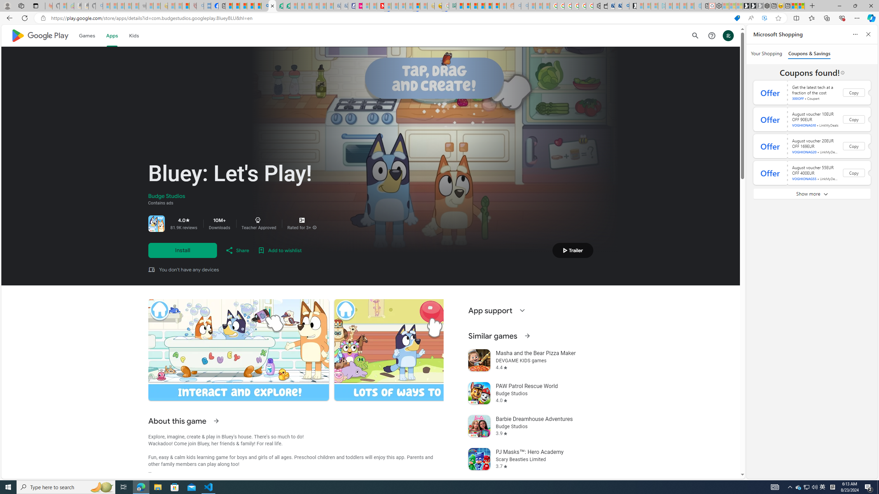 This screenshot has width=879, height=494. What do you see at coordinates (488, 5) in the screenshot?
I see `'Kinda Frugal - MSN'` at bounding box center [488, 5].